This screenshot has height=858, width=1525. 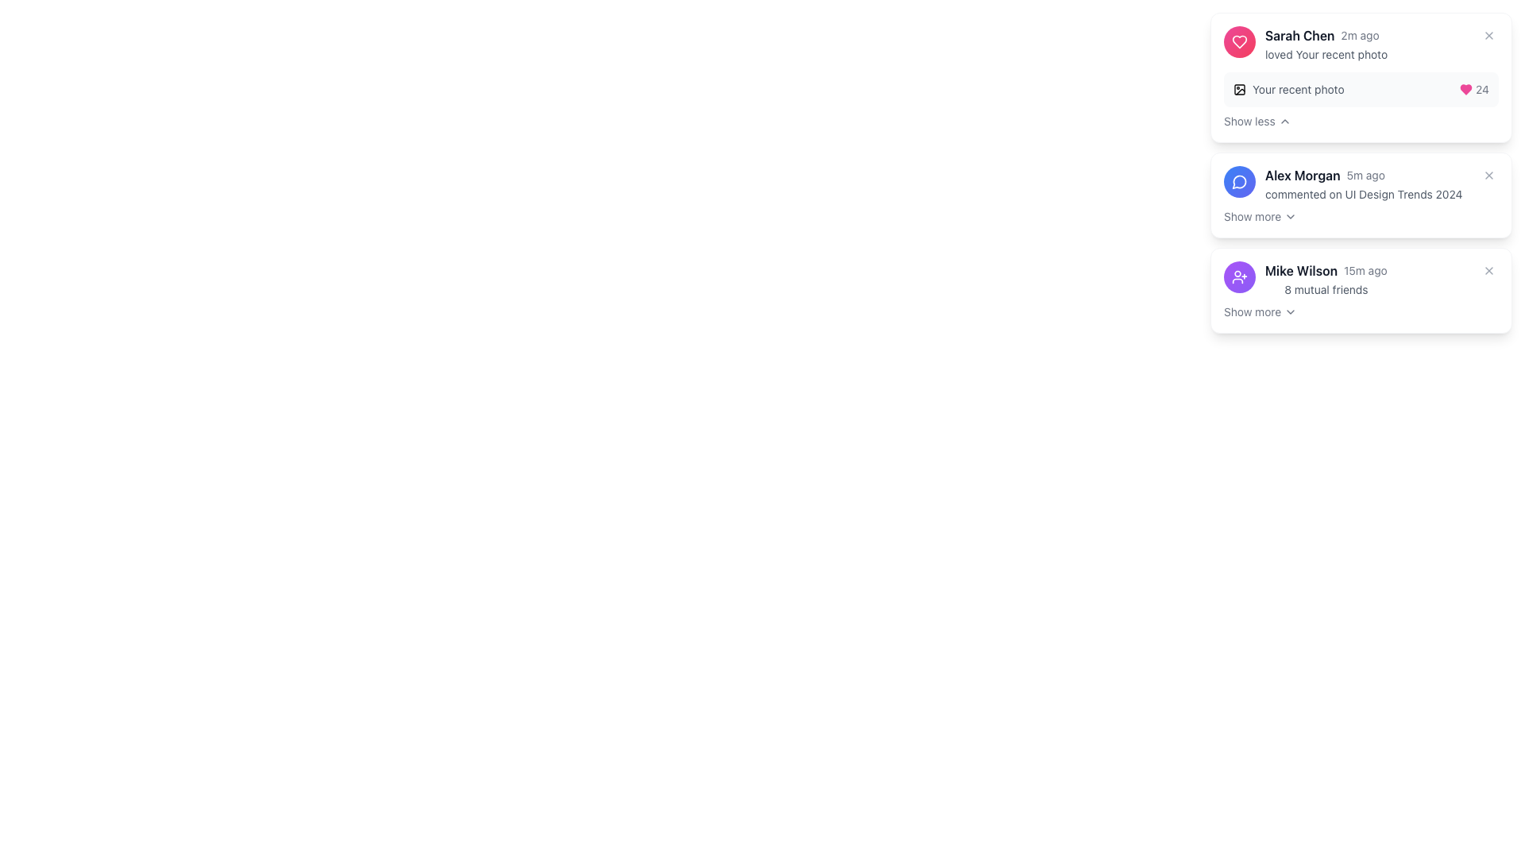 What do you see at coordinates (1363, 175) in the screenshot?
I see `the text element displaying 'Alex Morgan 5m ago' for additional interaction` at bounding box center [1363, 175].